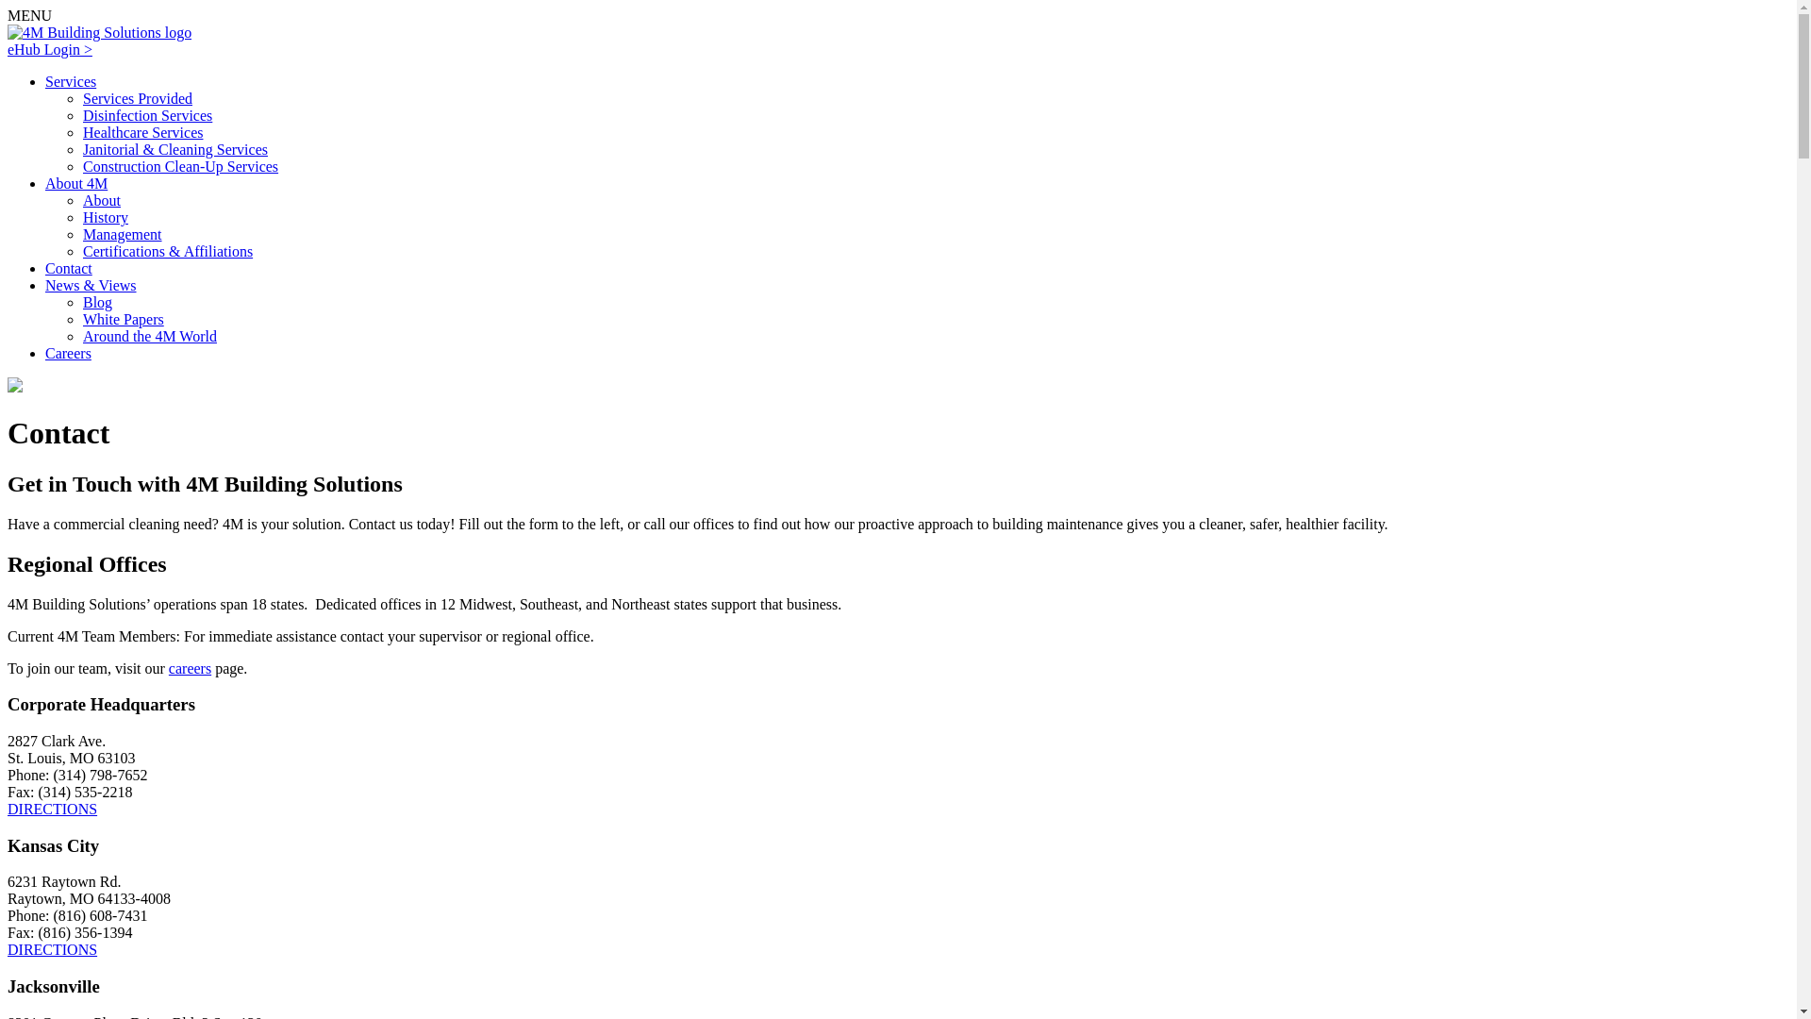 The height and width of the screenshot is (1019, 1811). I want to click on 'Disinfection Services', so click(146, 115).